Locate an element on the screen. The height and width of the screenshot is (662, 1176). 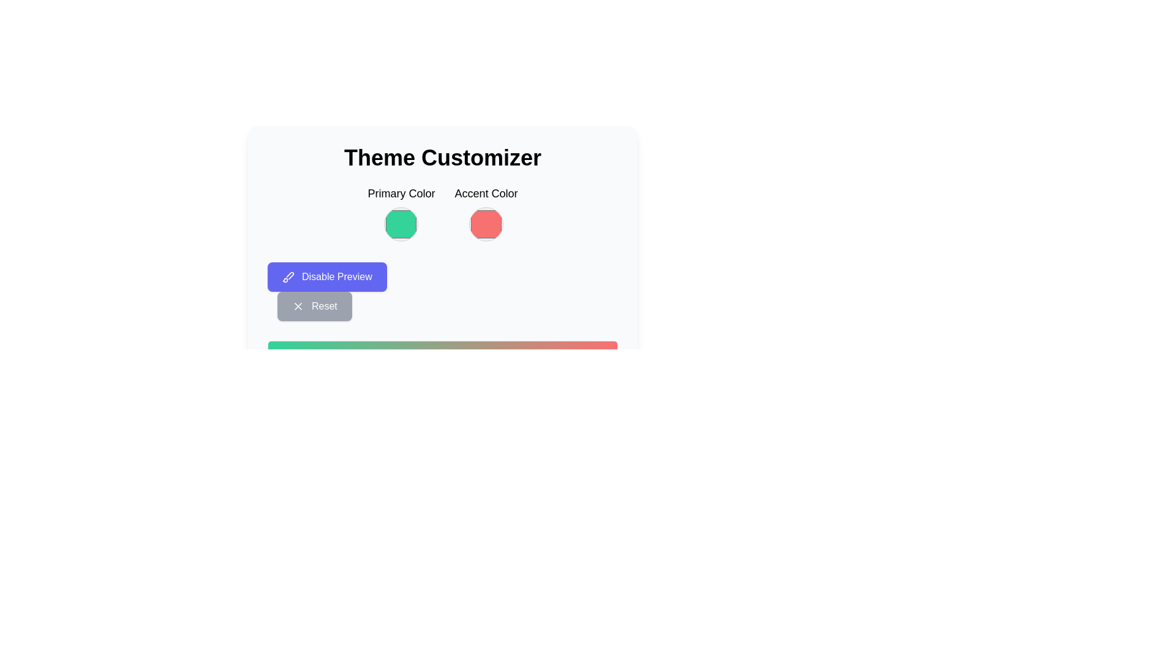
the label that indicates the purpose of the adjacent color preview representing the primary color, located centrally above the circular color preview is located at coordinates (401, 193).